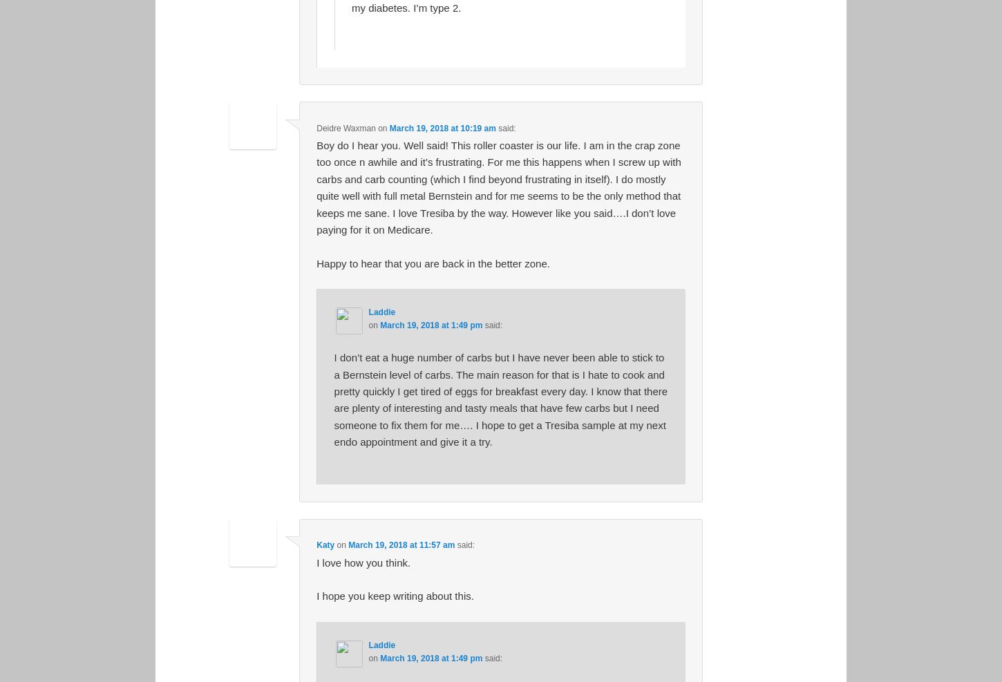 The width and height of the screenshot is (1002, 682). What do you see at coordinates (348, 545) in the screenshot?
I see `'March 19, 2018 at 11:57 am'` at bounding box center [348, 545].